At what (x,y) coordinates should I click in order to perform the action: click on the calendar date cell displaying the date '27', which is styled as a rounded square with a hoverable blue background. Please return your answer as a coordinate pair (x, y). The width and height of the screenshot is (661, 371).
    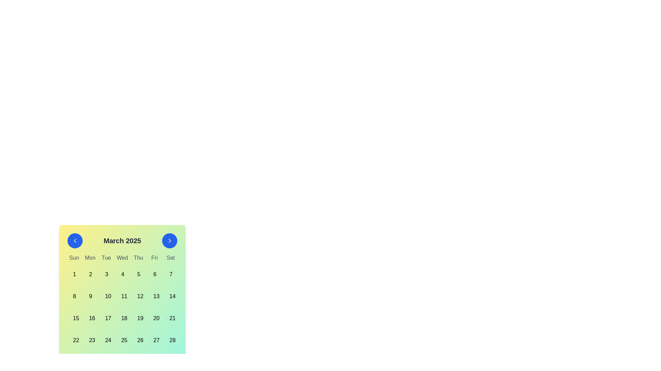
    Looking at the image, I should click on (154, 340).